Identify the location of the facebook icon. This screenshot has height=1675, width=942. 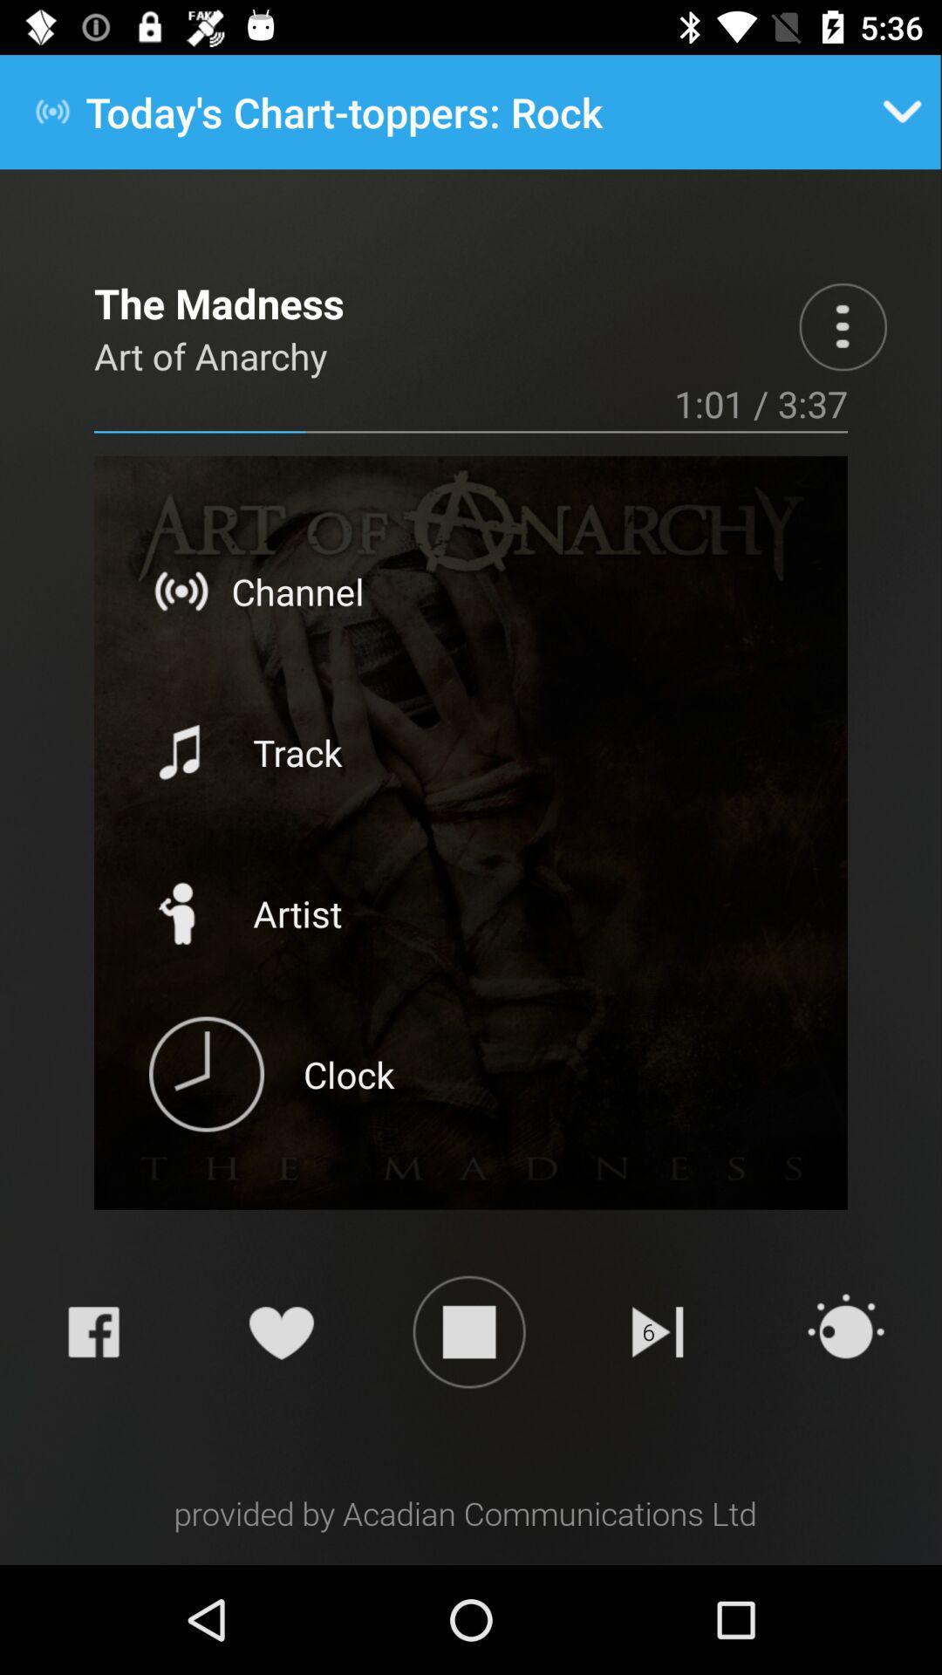
(93, 1330).